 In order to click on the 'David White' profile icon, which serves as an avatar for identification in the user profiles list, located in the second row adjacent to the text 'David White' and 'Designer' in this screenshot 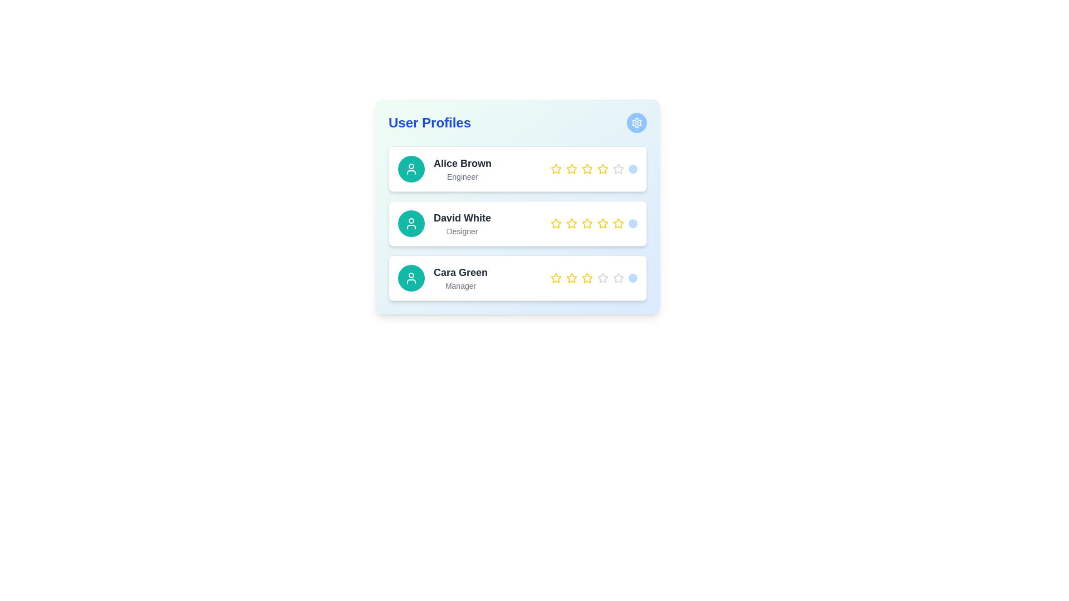, I will do `click(411, 223)`.